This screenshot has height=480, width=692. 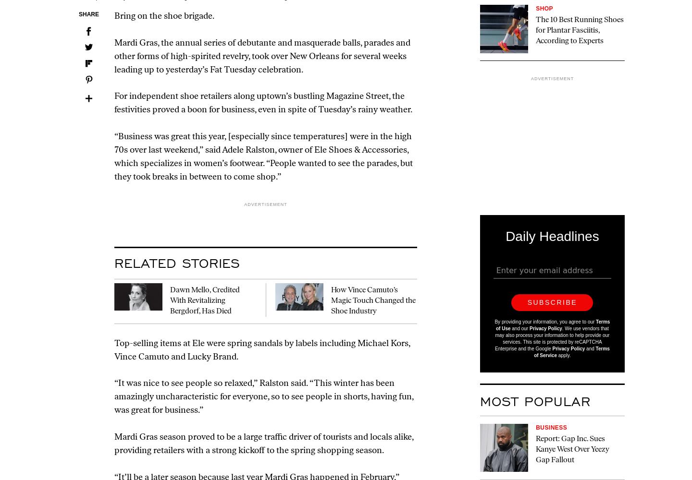 What do you see at coordinates (205, 301) in the screenshot?
I see `'Dawn Mello, Credited With Revitalizing Bergdorf, Has Died'` at bounding box center [205, 301].